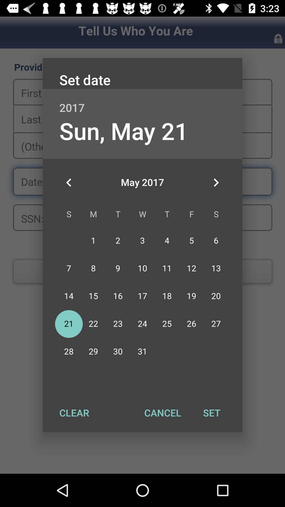 This screenshot has height=507, width=285. Describe the element at coordinates (74, 412) in the screenshot. I see `the icon at the bottom left corner` at that location.